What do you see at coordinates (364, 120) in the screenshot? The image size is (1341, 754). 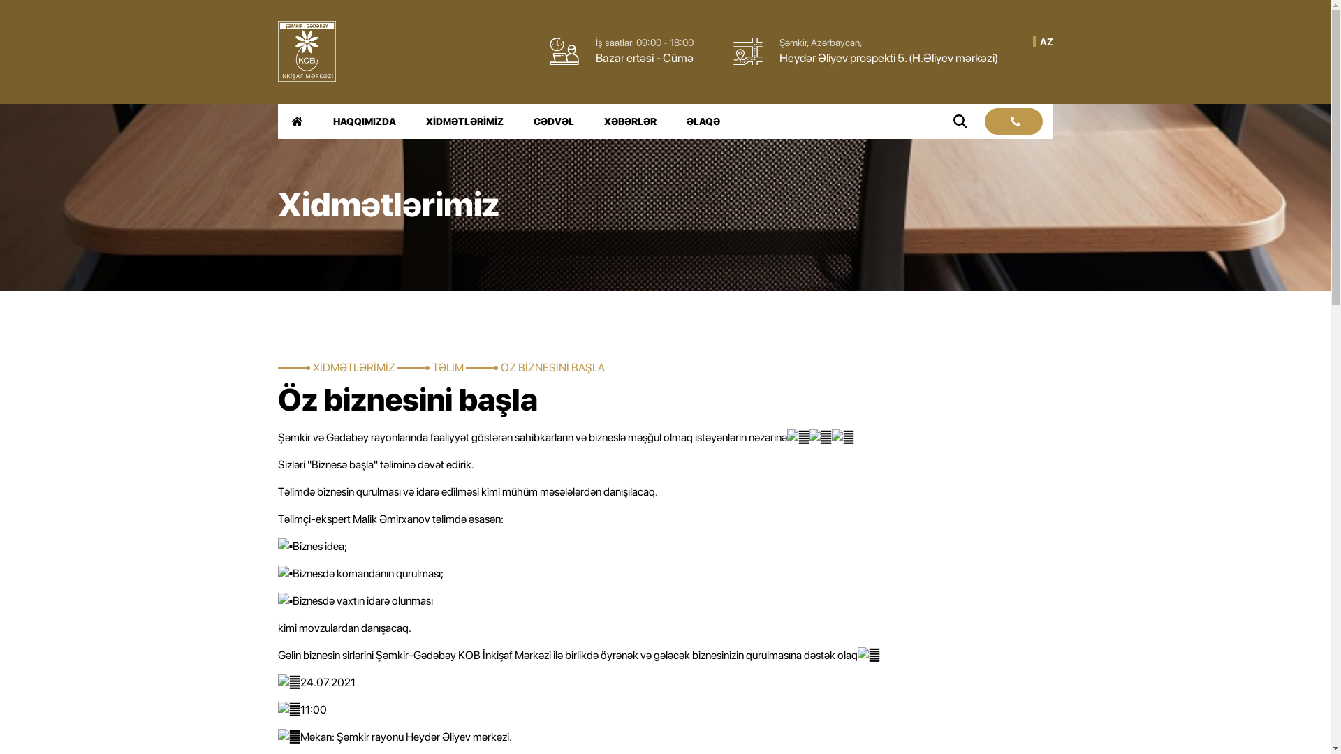 I see `'HAQQIMIZDA'` at bounding box center [364, 120].